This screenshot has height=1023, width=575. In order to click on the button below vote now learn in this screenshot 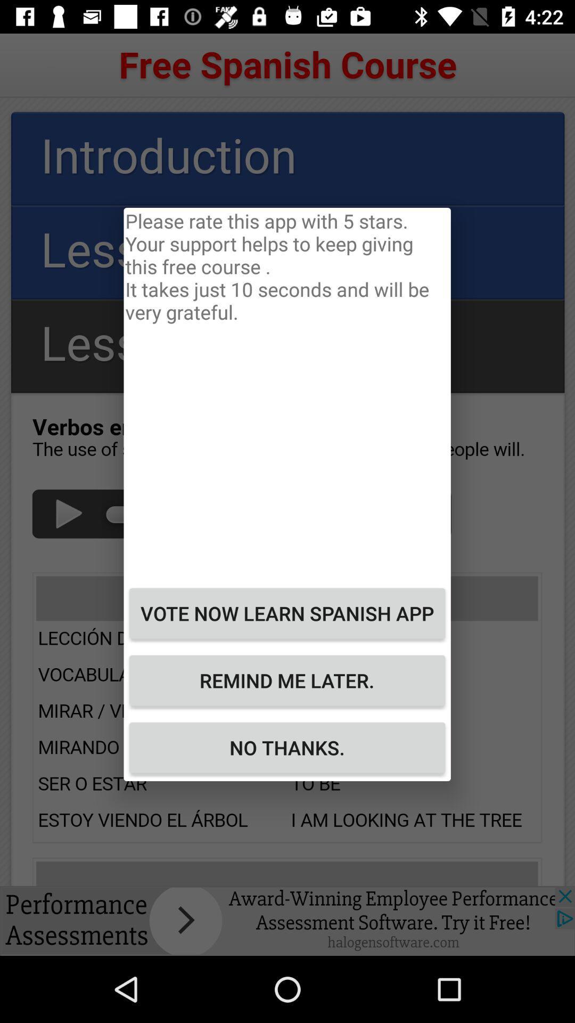, I will do `click(286, 680)`.